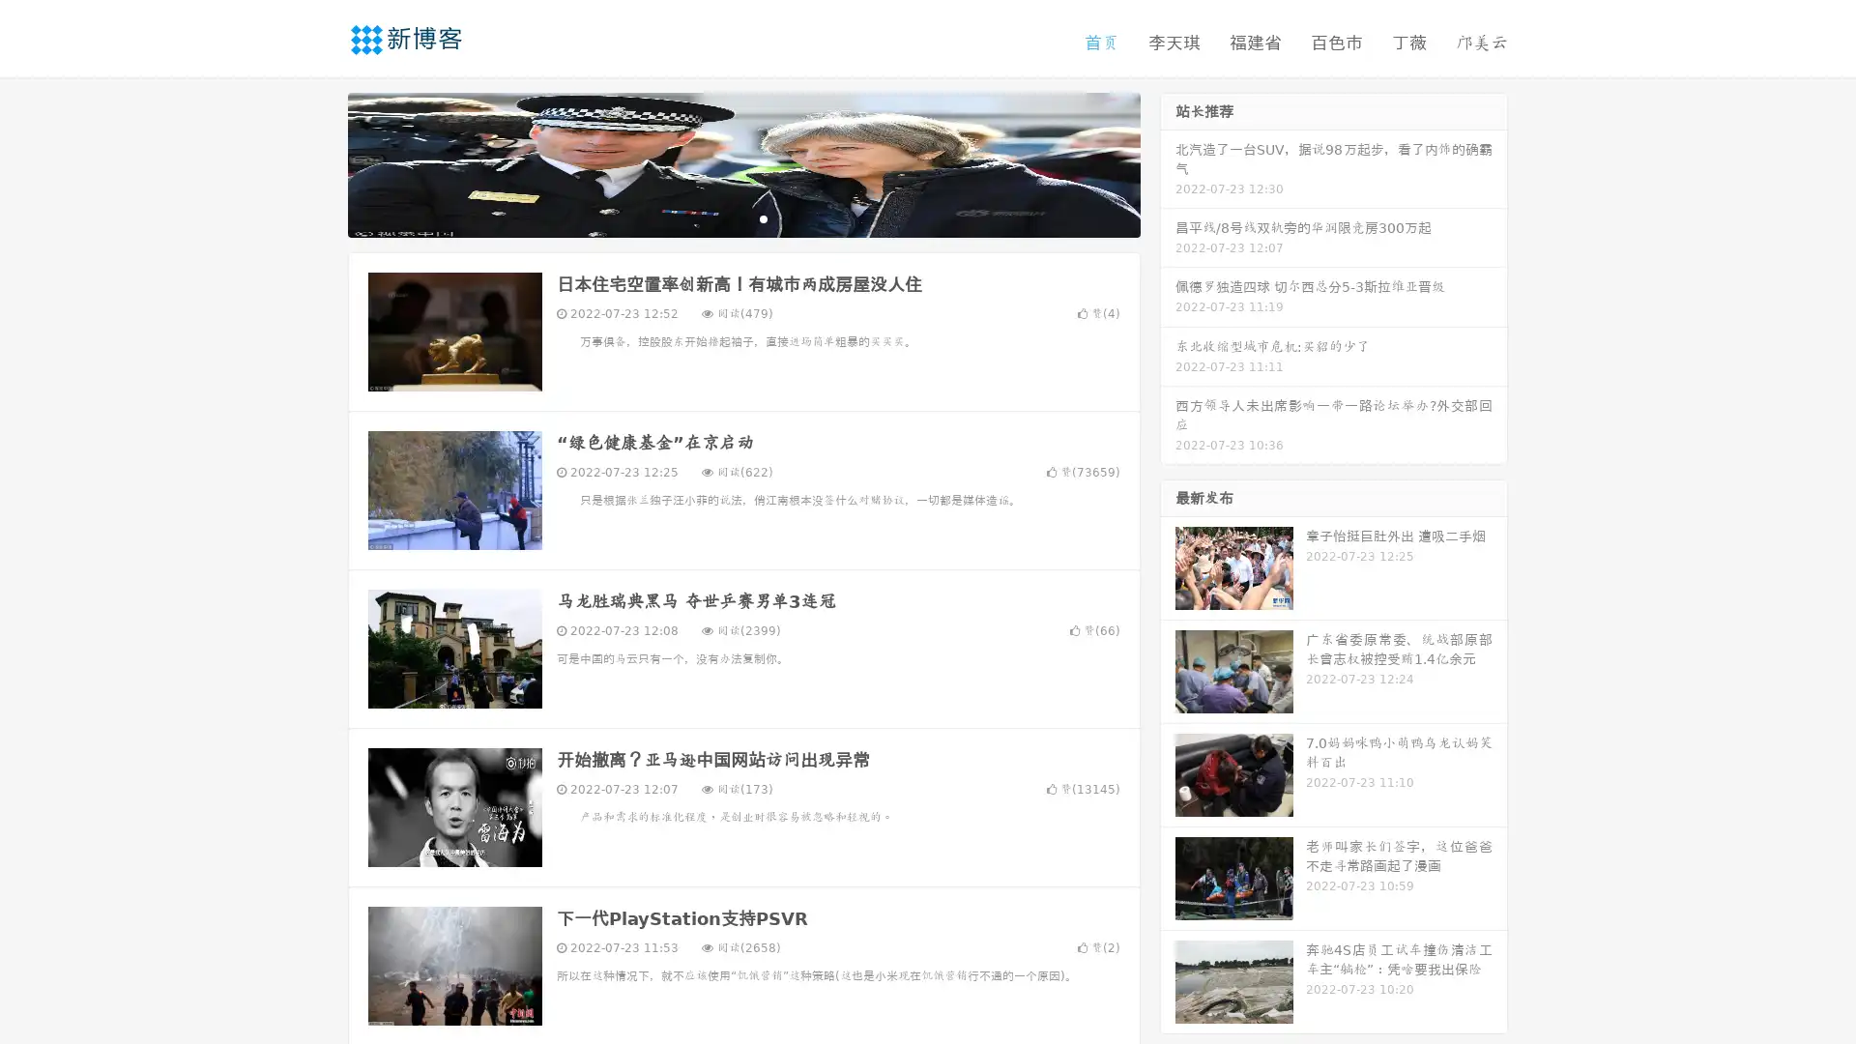 Image resolution: width=1856 pixels, height=1044 pixels. Describe the element at coordinates (763, 217) in the screenshot. I see `Go to slide 3` at that location.